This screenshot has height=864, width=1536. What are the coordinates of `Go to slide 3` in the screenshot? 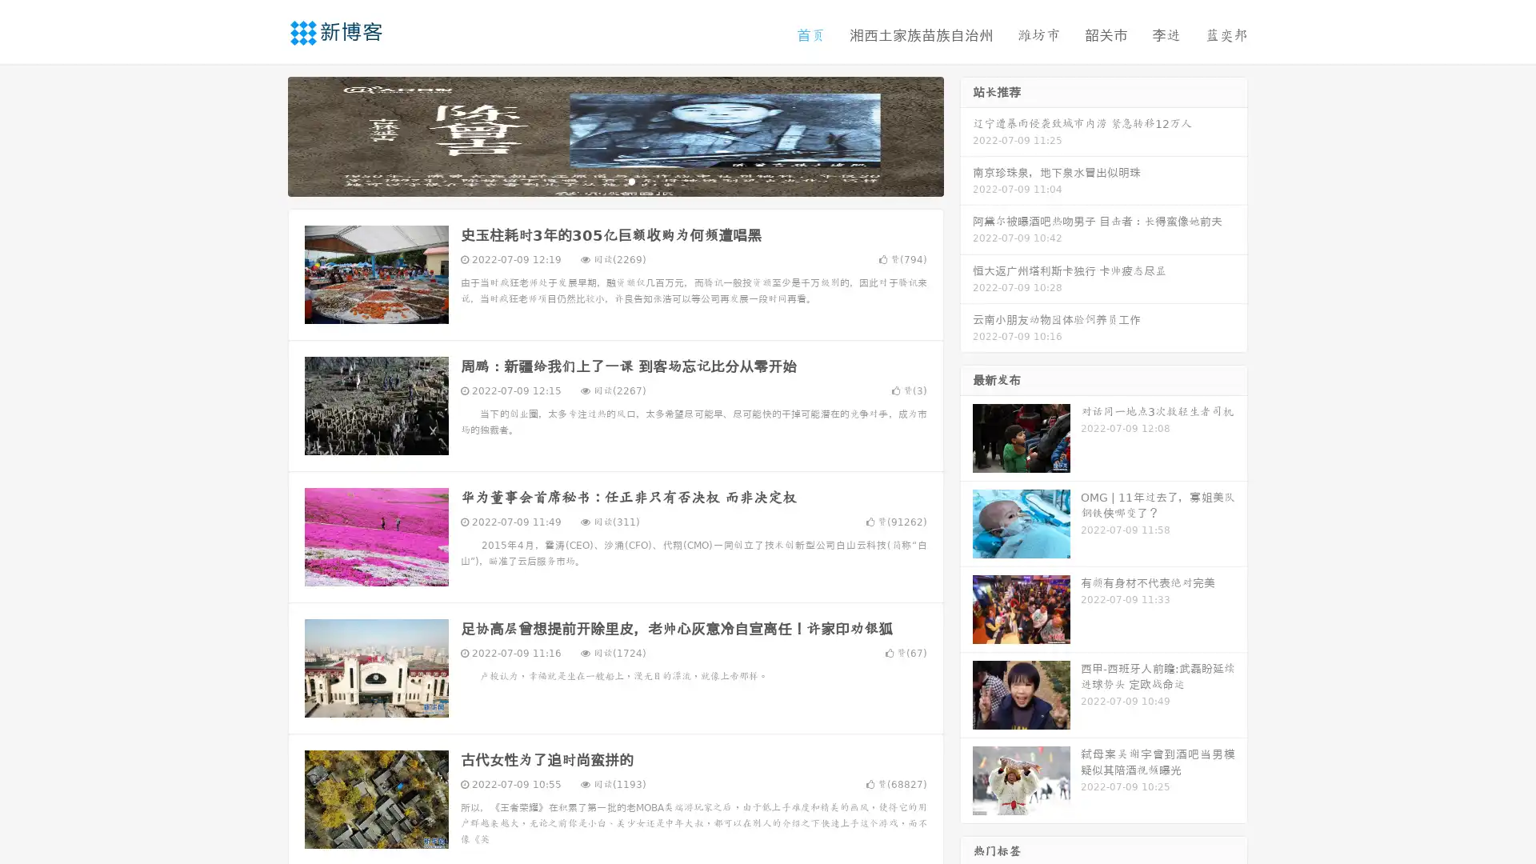 It's located at (631, 180).